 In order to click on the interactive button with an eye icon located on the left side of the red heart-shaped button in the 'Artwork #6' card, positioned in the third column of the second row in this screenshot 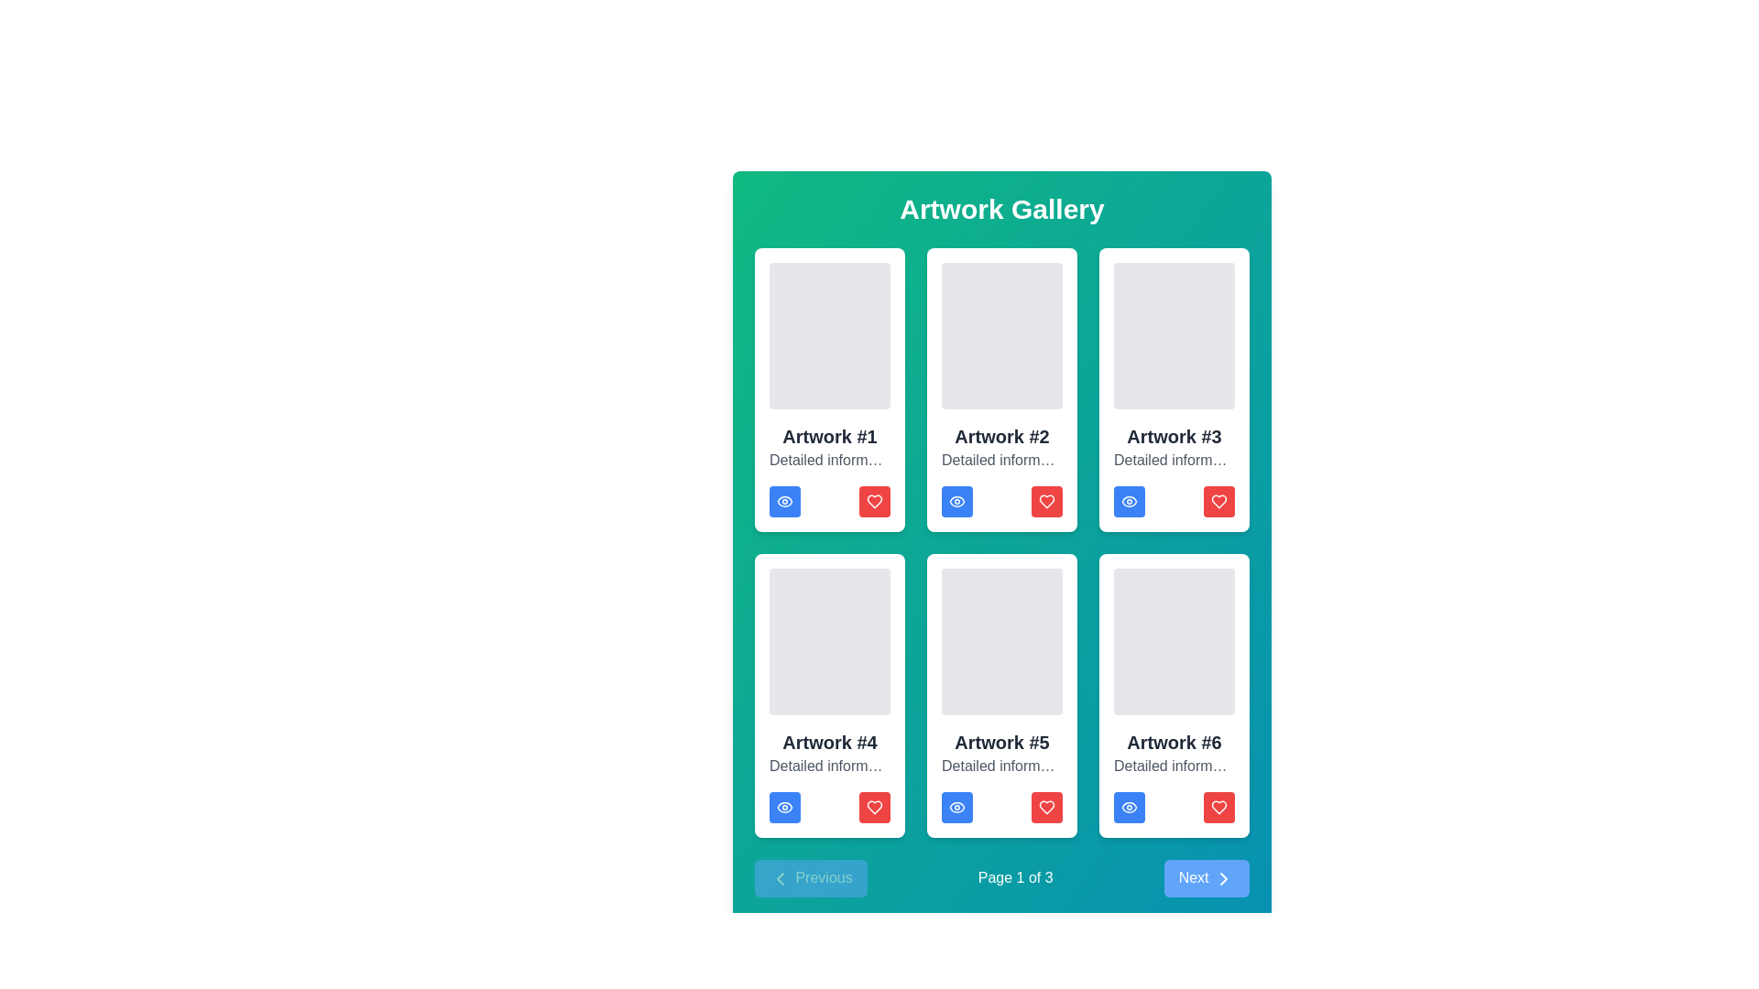, I will do `click(1129, 807)`.